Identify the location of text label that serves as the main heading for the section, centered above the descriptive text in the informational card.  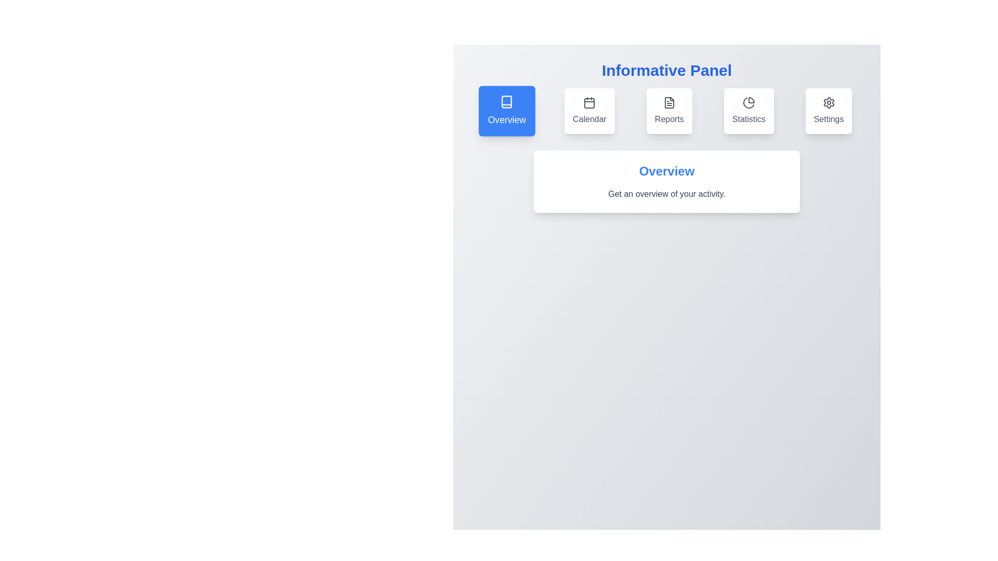
(666, 171).